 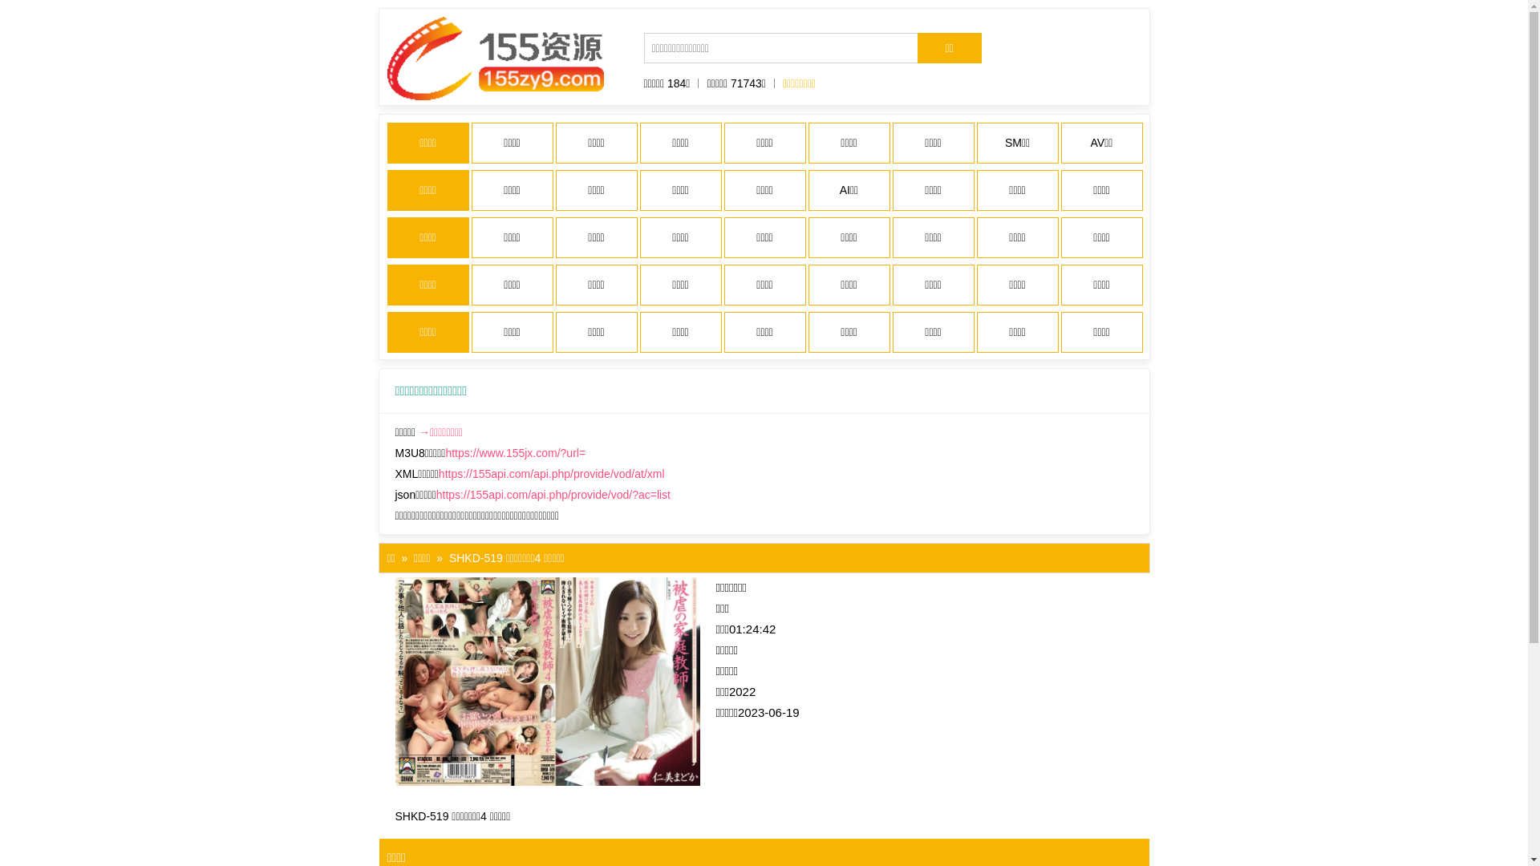 What do you see at coordinates (551, 472) in the screenshot?
I see `'https://155api.com/api.php/provide/vod/at/xml'` at bounding box center [551, 472].